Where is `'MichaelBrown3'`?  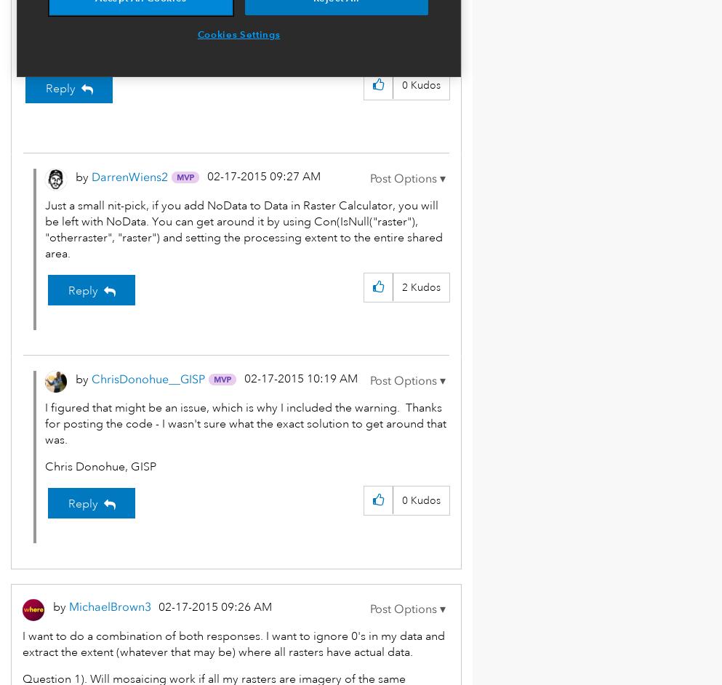 'MichaelBrown3' is located at coordinates (68, 606).